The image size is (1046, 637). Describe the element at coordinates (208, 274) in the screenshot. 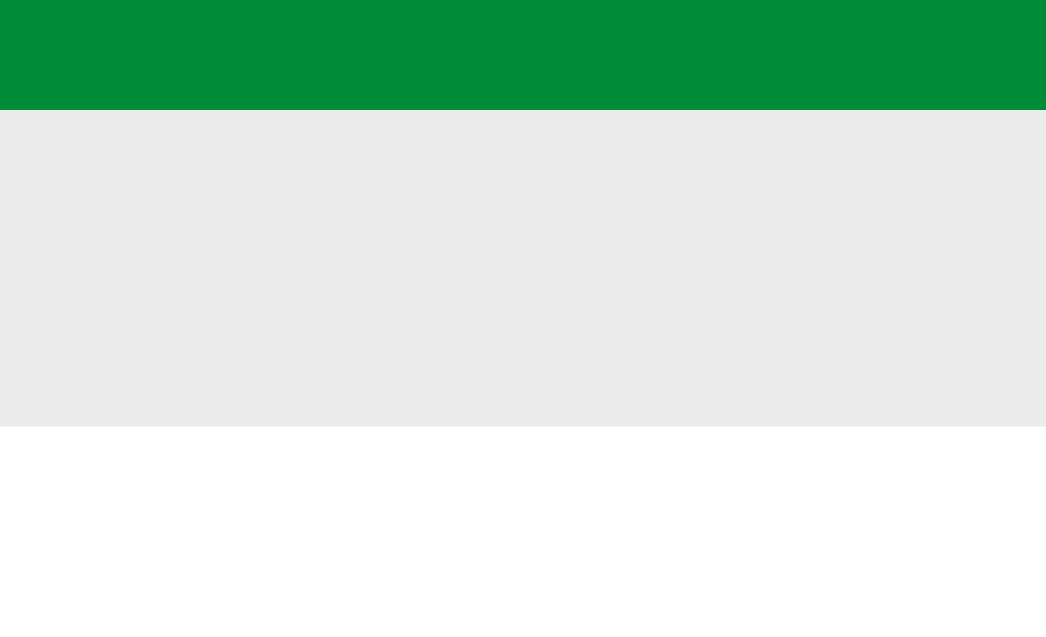

I see `'CAN/ULC-S701 – Type 1'` at that location.